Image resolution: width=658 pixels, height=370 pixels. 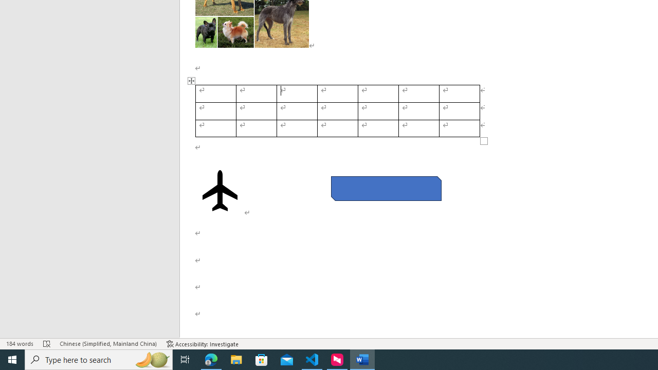 I want to click on 'Airplane with solid fill', so click(x=220, y=191).